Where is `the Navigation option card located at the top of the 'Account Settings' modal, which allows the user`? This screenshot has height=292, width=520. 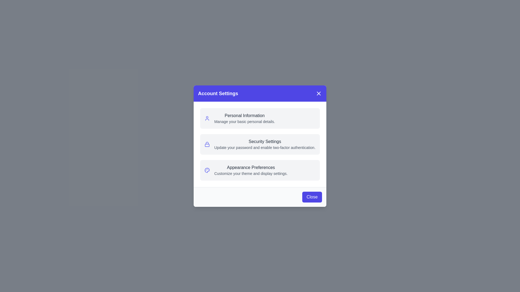
the Navigation option card located at the top of the 'Account Settings' modal, which allows the user is located at coordinates (260, 118).